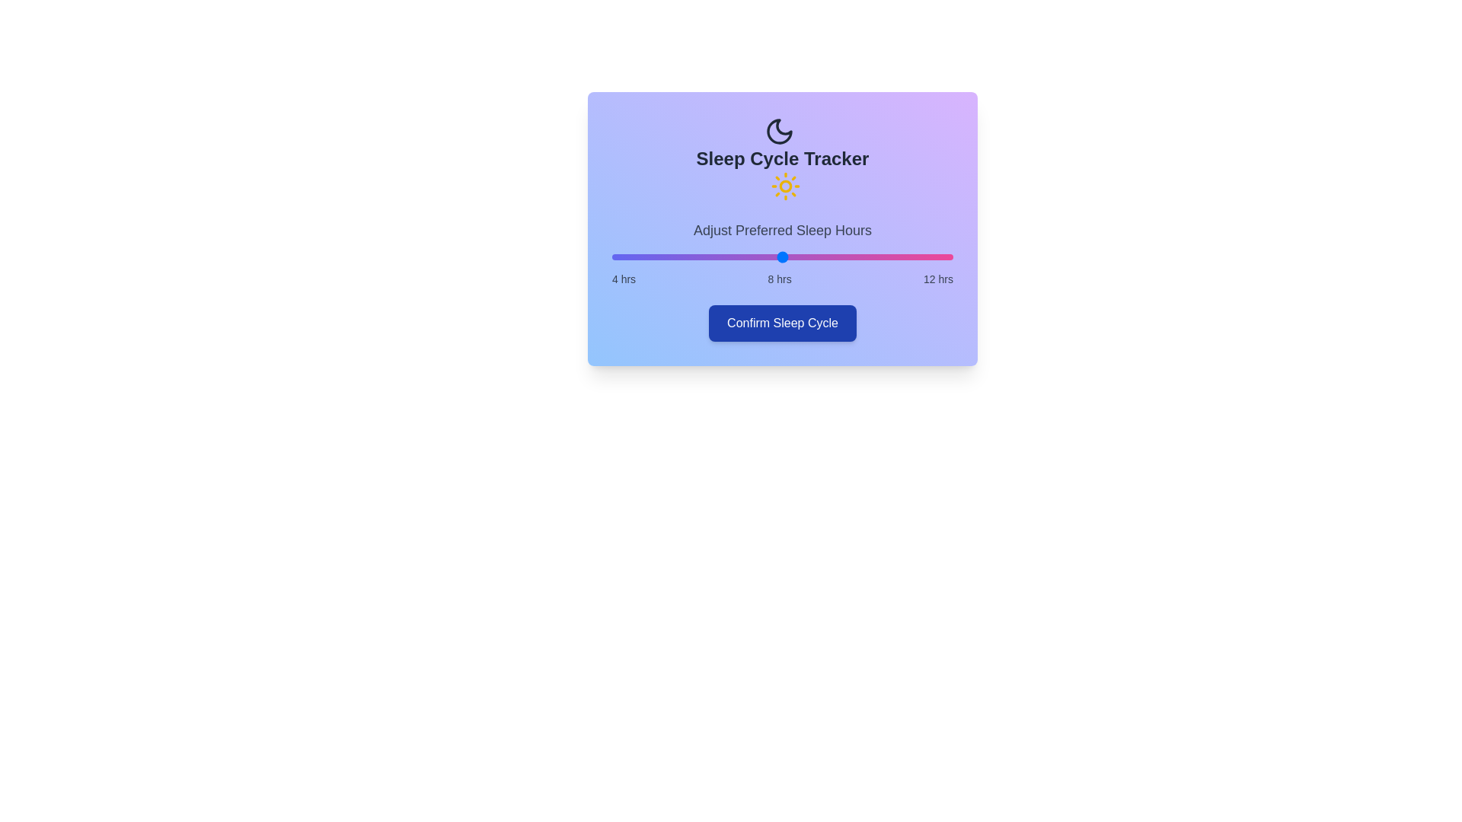 This screenshot has width=1462, height=822. I want to click on the sleep hours slider to 8 hours, so click(782, 256).